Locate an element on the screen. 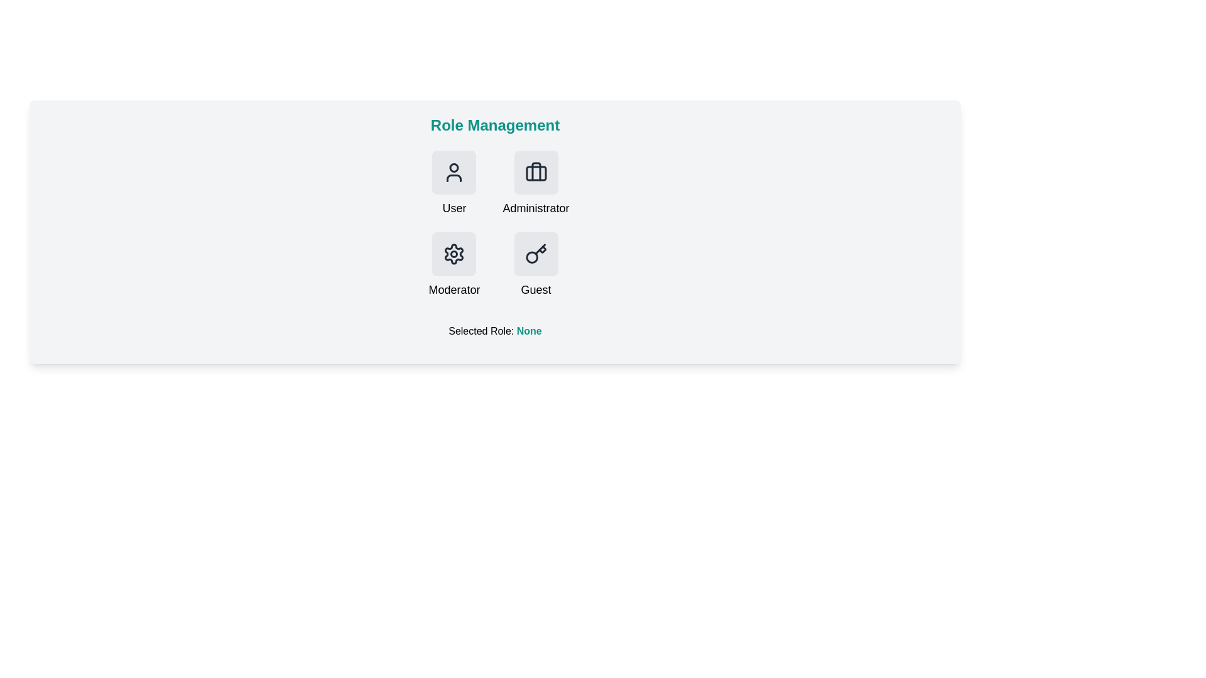 This screenshot has height=678, width=1206. the 'Administrator' text label displayed in bold font, located in the second column of the Role Management section, directly below the briefcase icon is located at coordinates (536, 207).